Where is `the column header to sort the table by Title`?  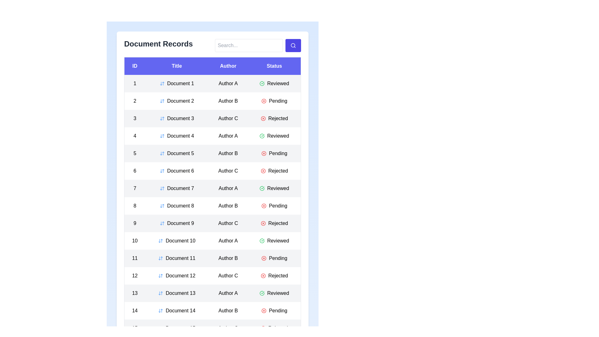 the column header to sort the table by Title is located at coordinates (176, 66).